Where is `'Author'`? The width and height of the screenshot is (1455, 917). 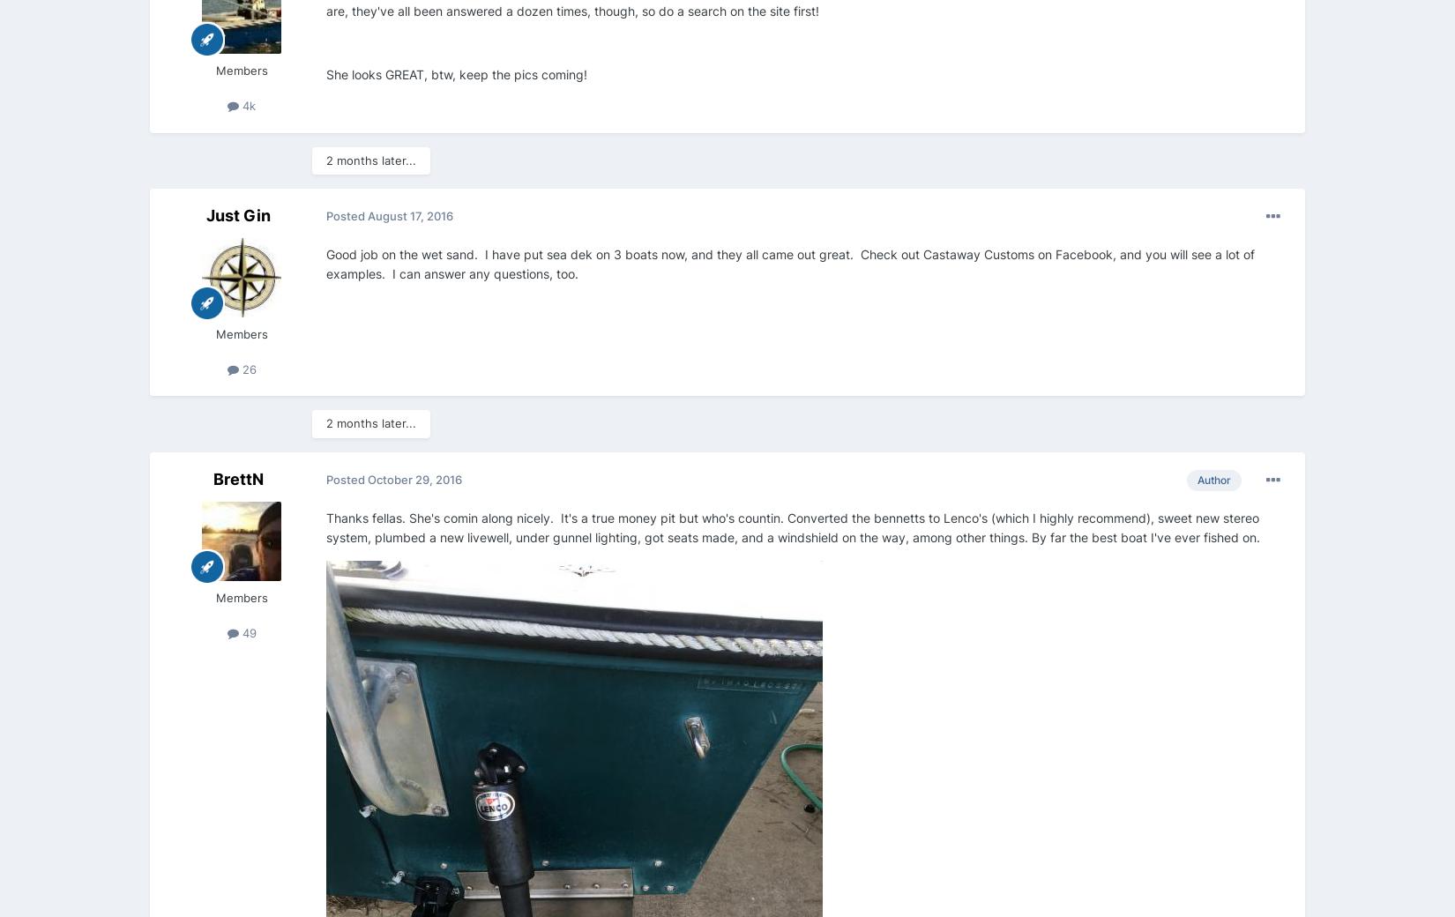
'Author' is located at coordinates (1212, 478).